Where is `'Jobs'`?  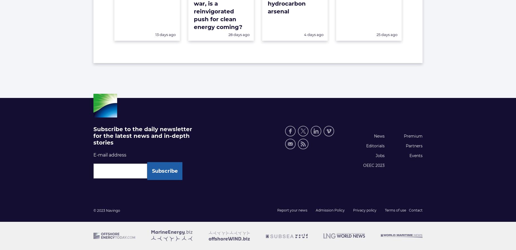 'Jobs' is located at coordinates (379, 156).